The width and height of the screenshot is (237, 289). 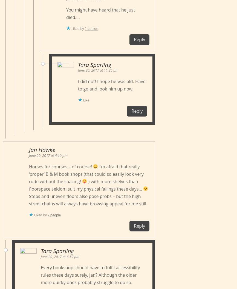 What do you see at coordinates (91, 28) in the screenshot?
I see `'1 person'` at bounding box center [91, 28].